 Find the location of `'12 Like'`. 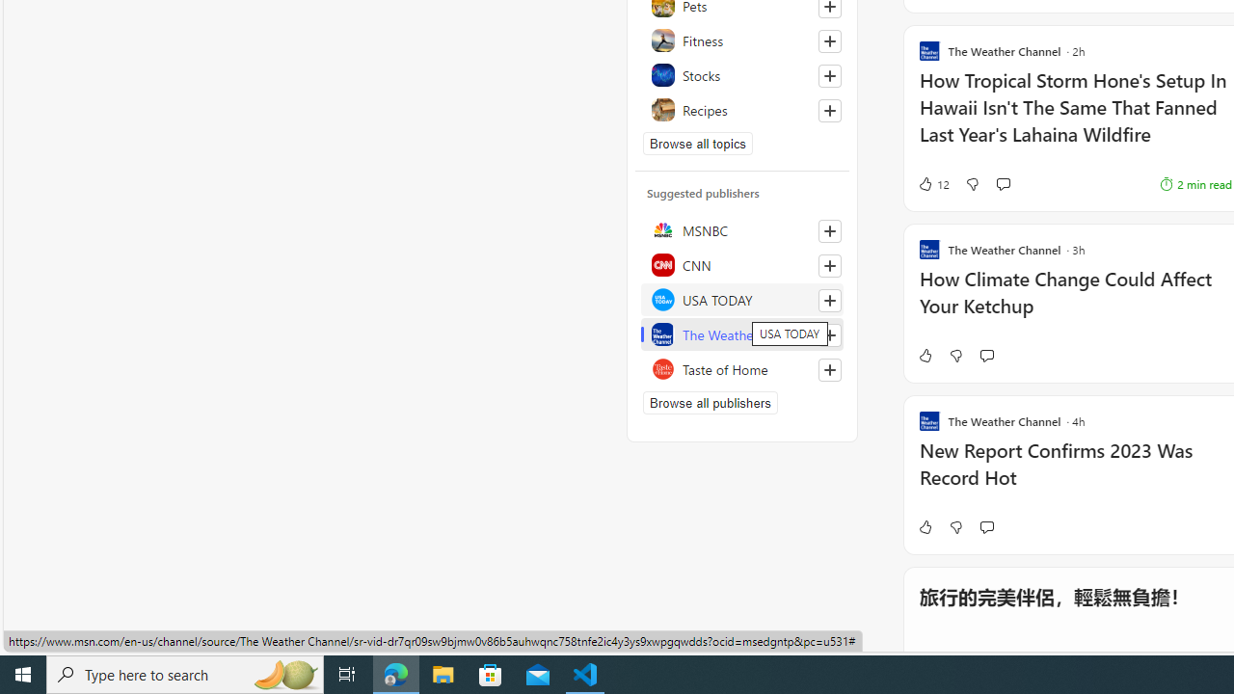

'12 Like' is located at coordinates (933, 184).